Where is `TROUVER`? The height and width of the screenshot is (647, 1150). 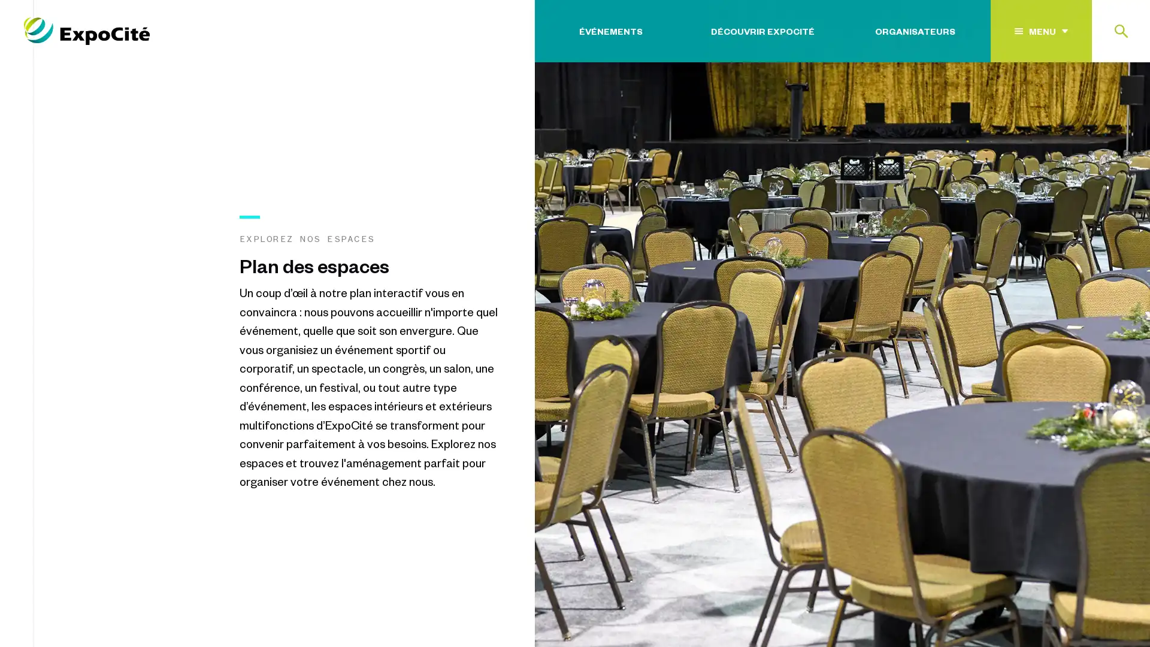 TROUVER is located at coordinates (1090, 104).